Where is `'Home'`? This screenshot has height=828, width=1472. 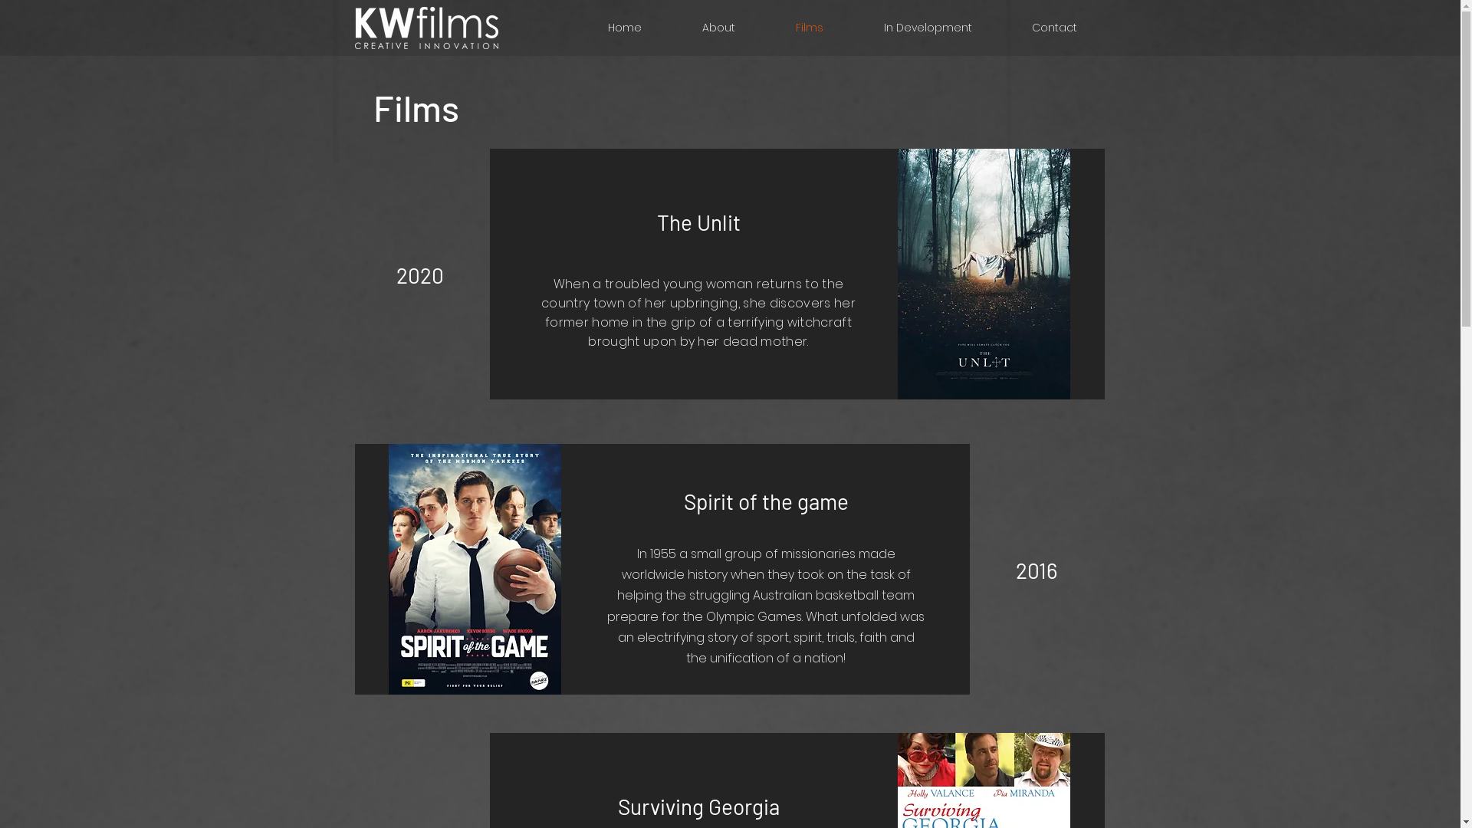
'Home' is located at coordinates (625, 27).